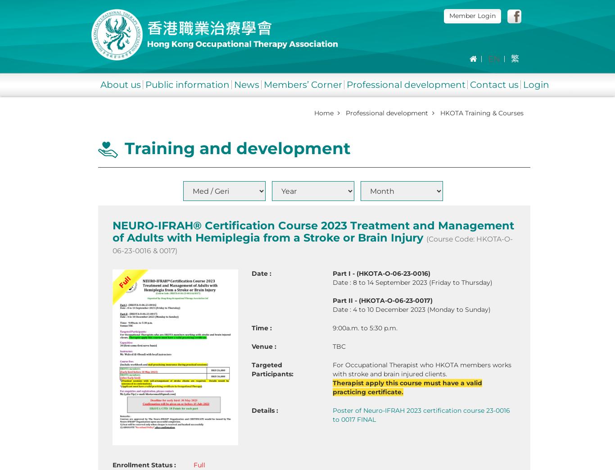 The image size is (615, 470). Describe the element at coordinates (237, 147) in the screenshot. I see `'Training and development'` at that location.